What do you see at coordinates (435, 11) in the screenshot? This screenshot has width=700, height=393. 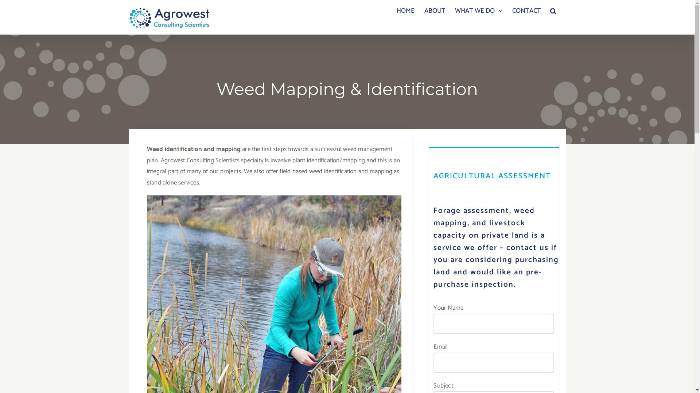 I see `'ABOUT'` at bounding box center [435, 11].